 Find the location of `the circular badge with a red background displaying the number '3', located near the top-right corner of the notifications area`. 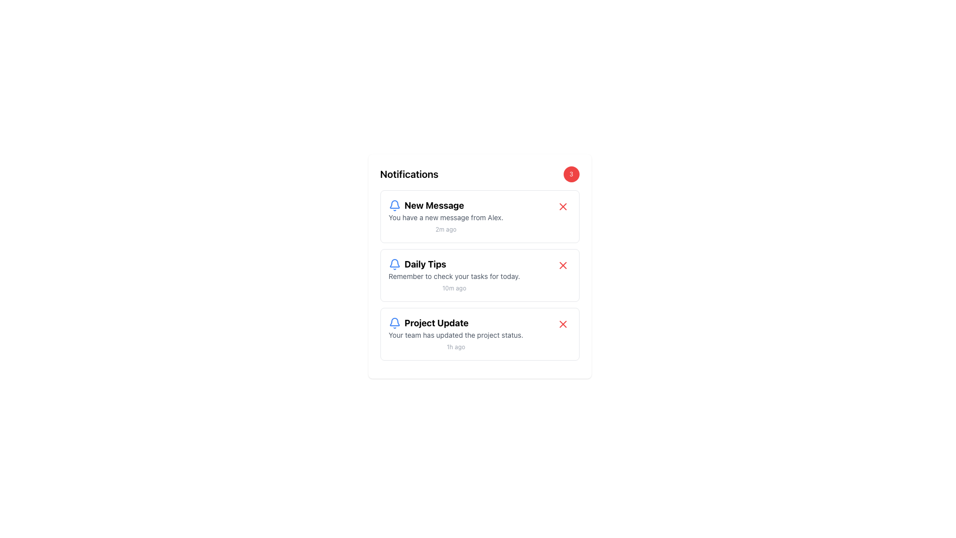

the circular badge with a red background displaying the number '3', located near the top-right corner of the notifications area is located at coordinates (571, 174).